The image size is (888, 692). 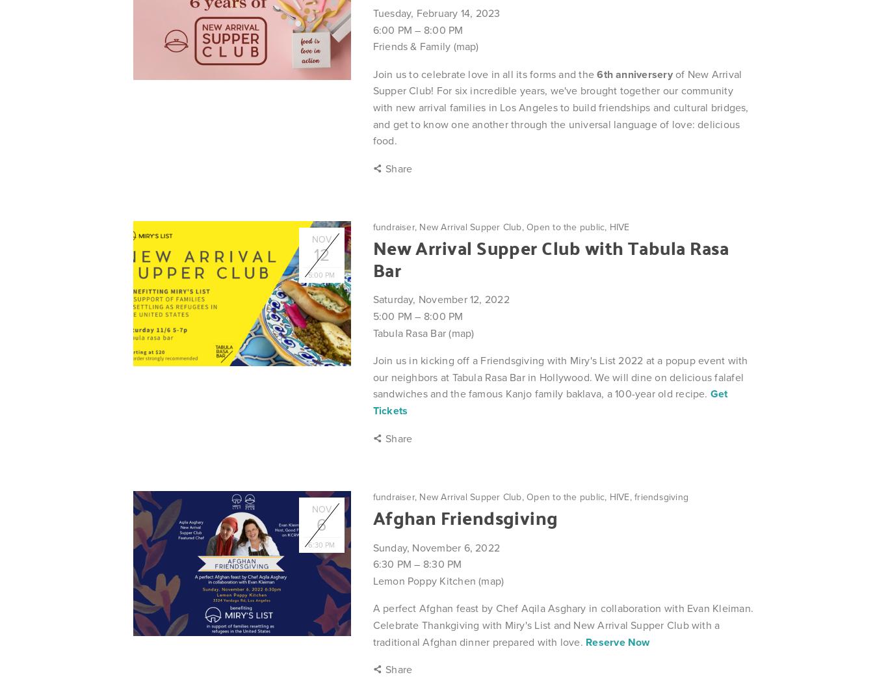 I want to click on 'Join us in kicking off a Friendsgiving with Miry's List 2022 at a popup event with our neighbors at Tabula Rasa Bar in Hollywood. We will dine on delicious falafel sandwiches and the famous Kanjo family baklava, a 100-year old recipe.', so click(x=559, y=377).